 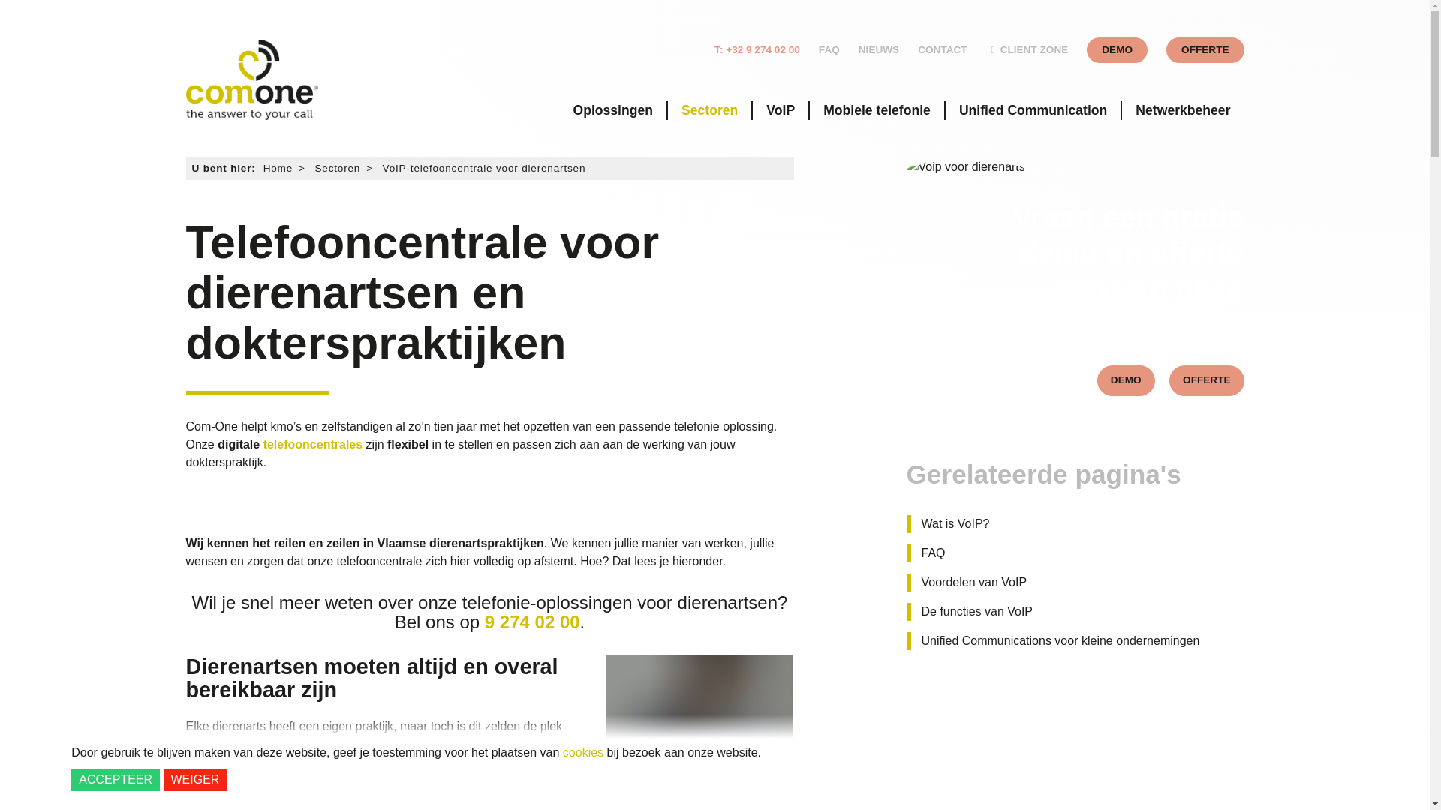 I want to click on '9 274 02 00', so click(x=532, y=622).